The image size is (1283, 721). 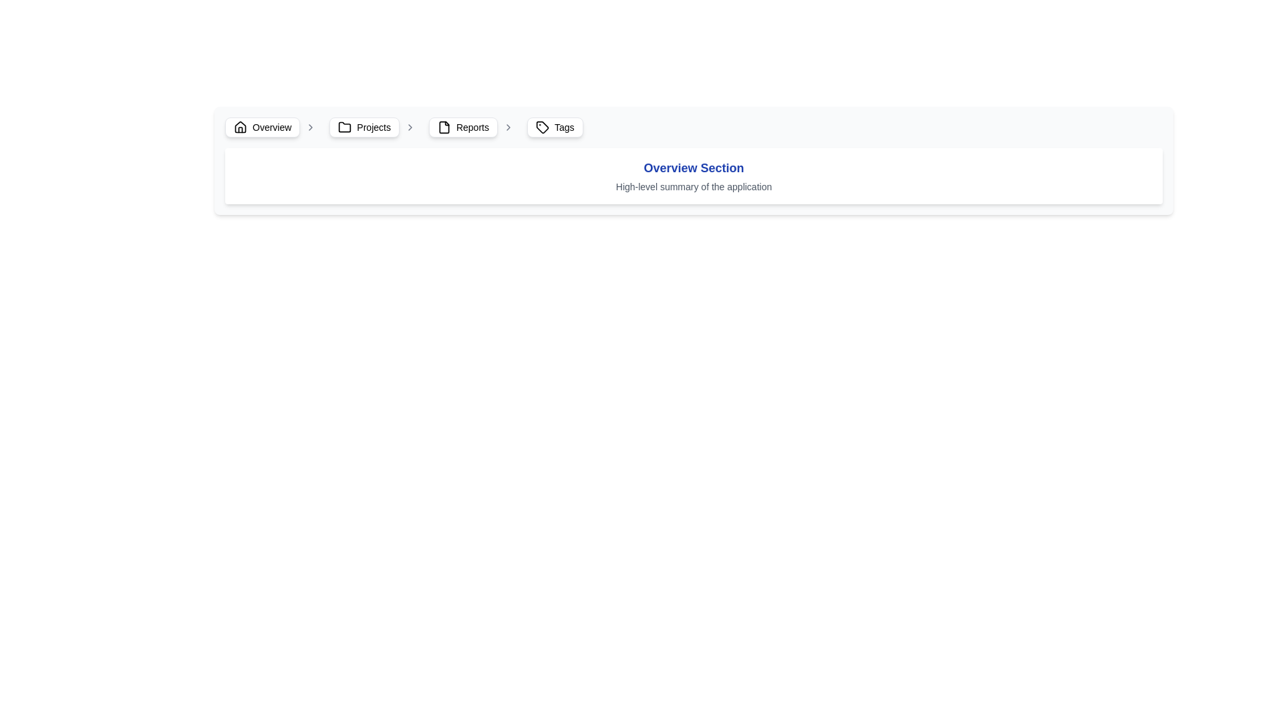 I want to click on the 'Reports' section icon, which is a file symbol located in the breadcrumb navigation bar between 'Projects' and 'Tags', so click(x=444, y=128).